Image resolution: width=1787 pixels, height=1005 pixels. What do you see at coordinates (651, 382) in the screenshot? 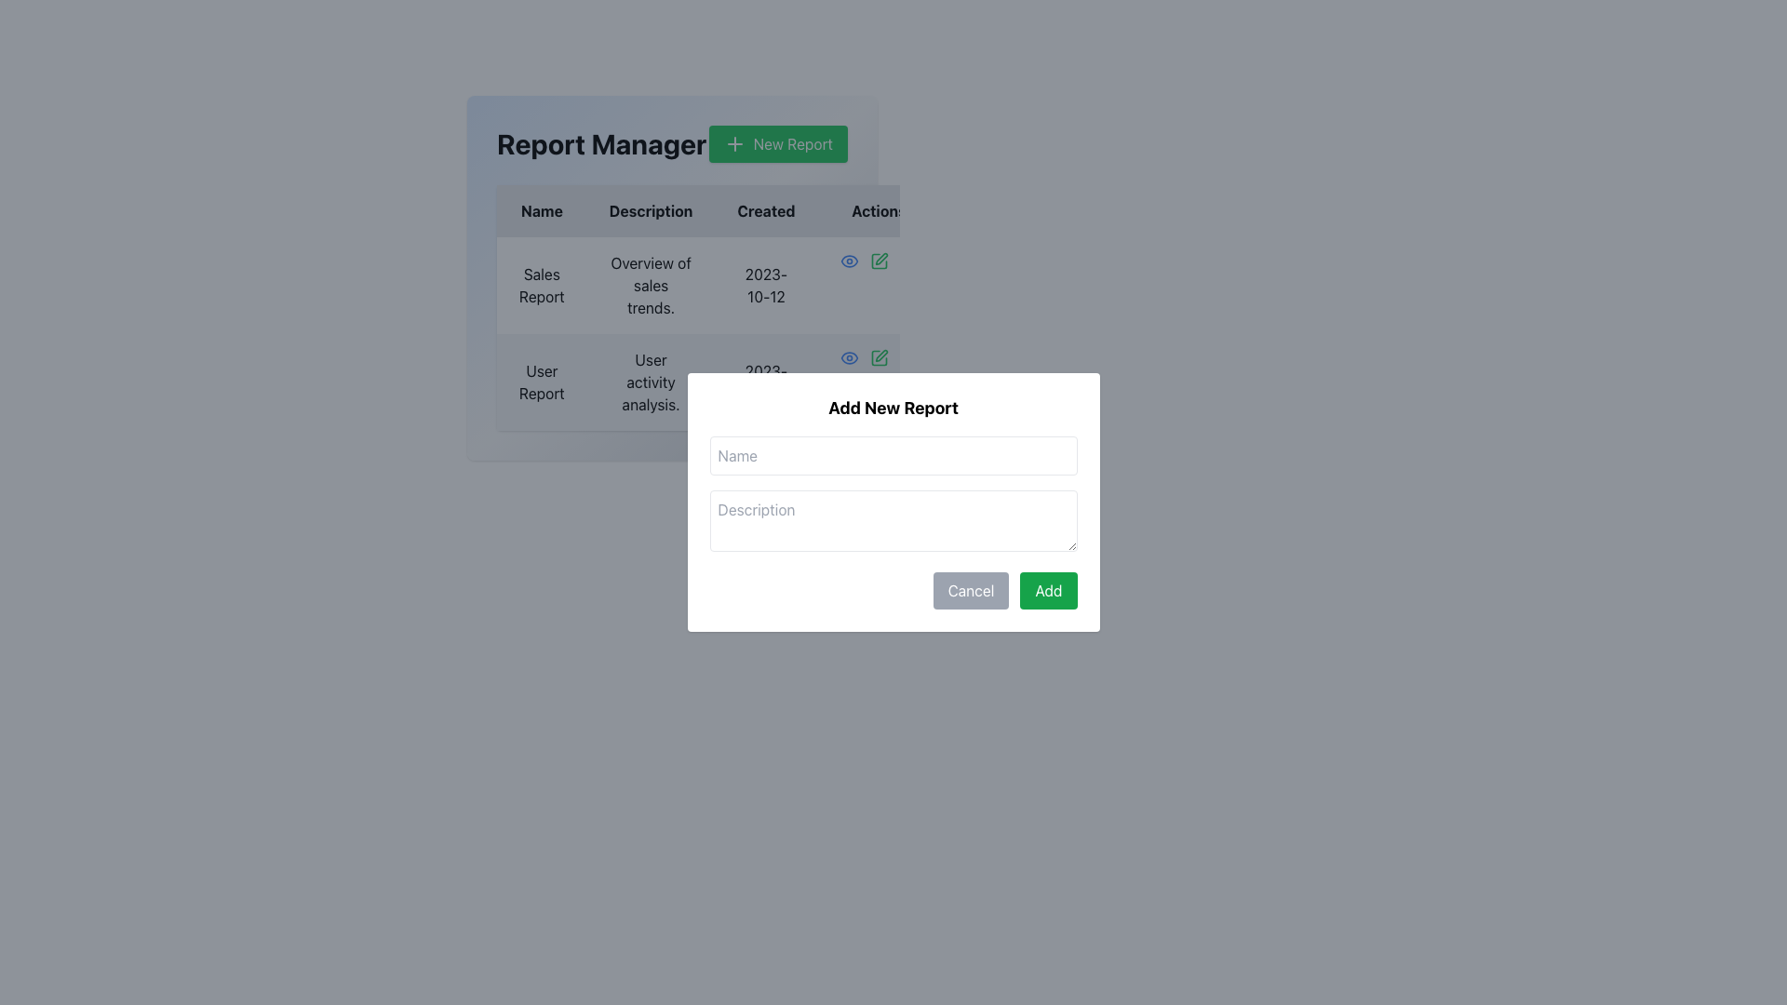
I see `the text element reading 'User activity analysis.' which is the second item in the 'Description' column of the 'User Report.'` at bounding box center [651, 382].